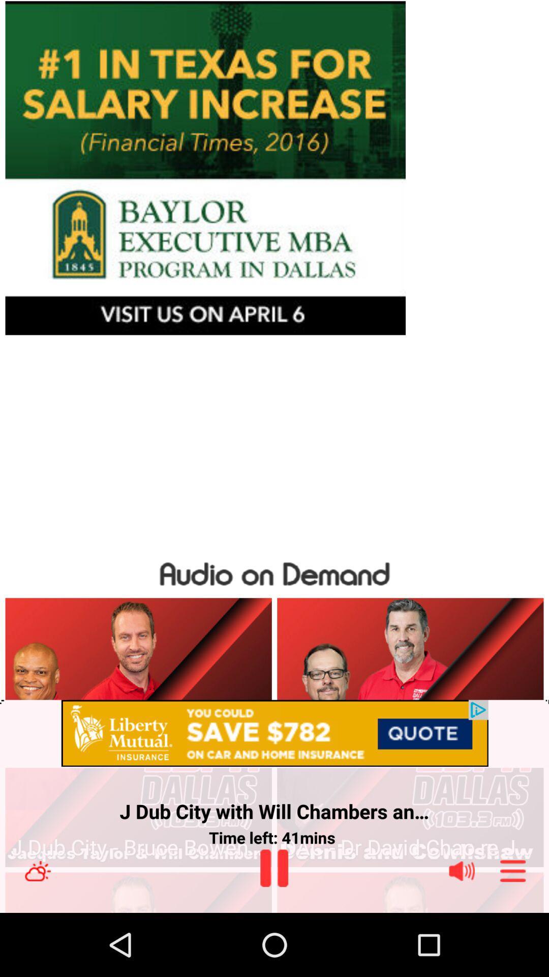 This screenshot has width=549, height=977. I want to click on dac dr david item, so click(410, 847).